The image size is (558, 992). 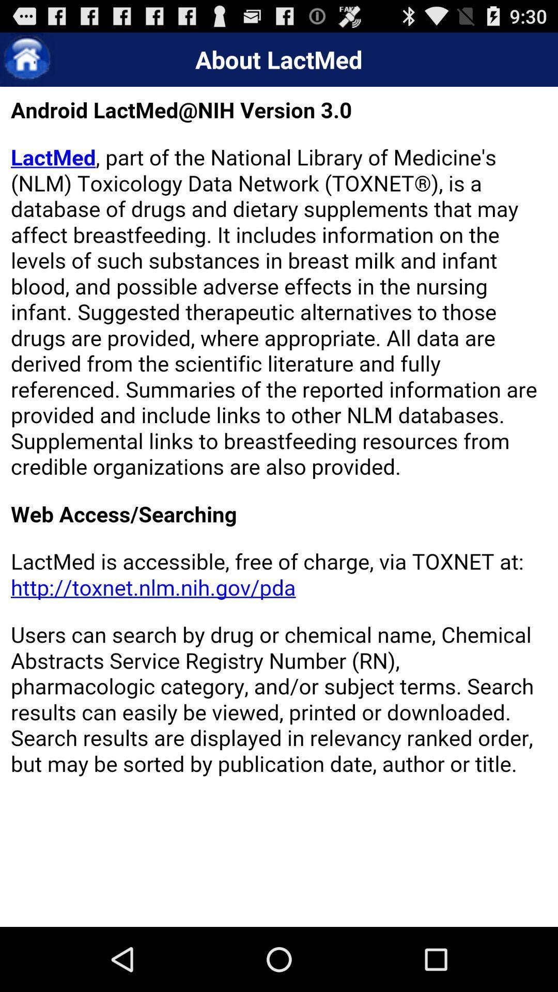 I want to click on go home, so click(x=26, y=59).